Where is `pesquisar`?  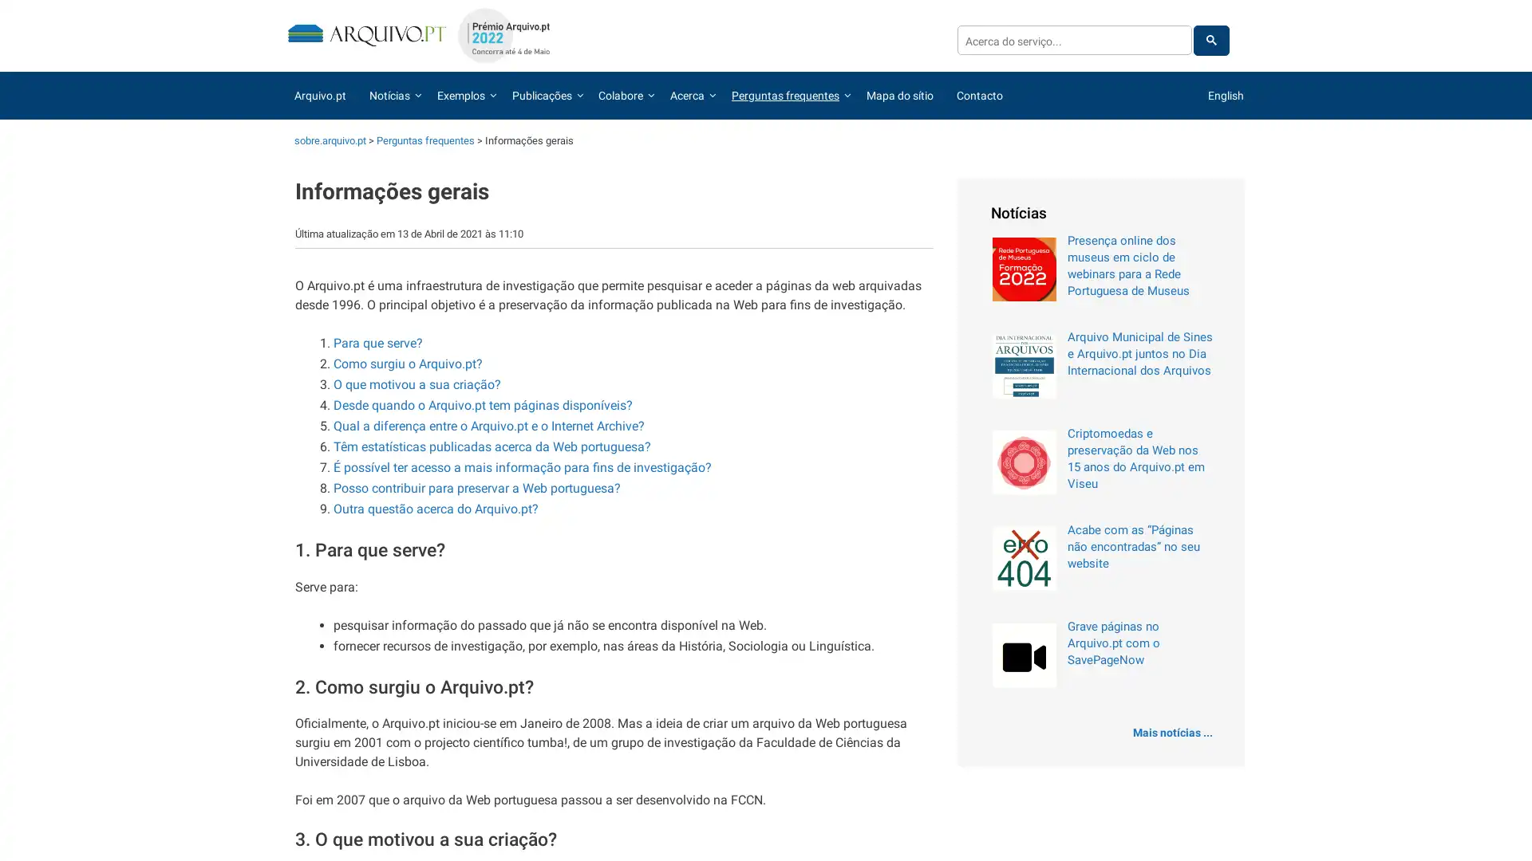
pesquisar is located at coordinates (1211, 39).